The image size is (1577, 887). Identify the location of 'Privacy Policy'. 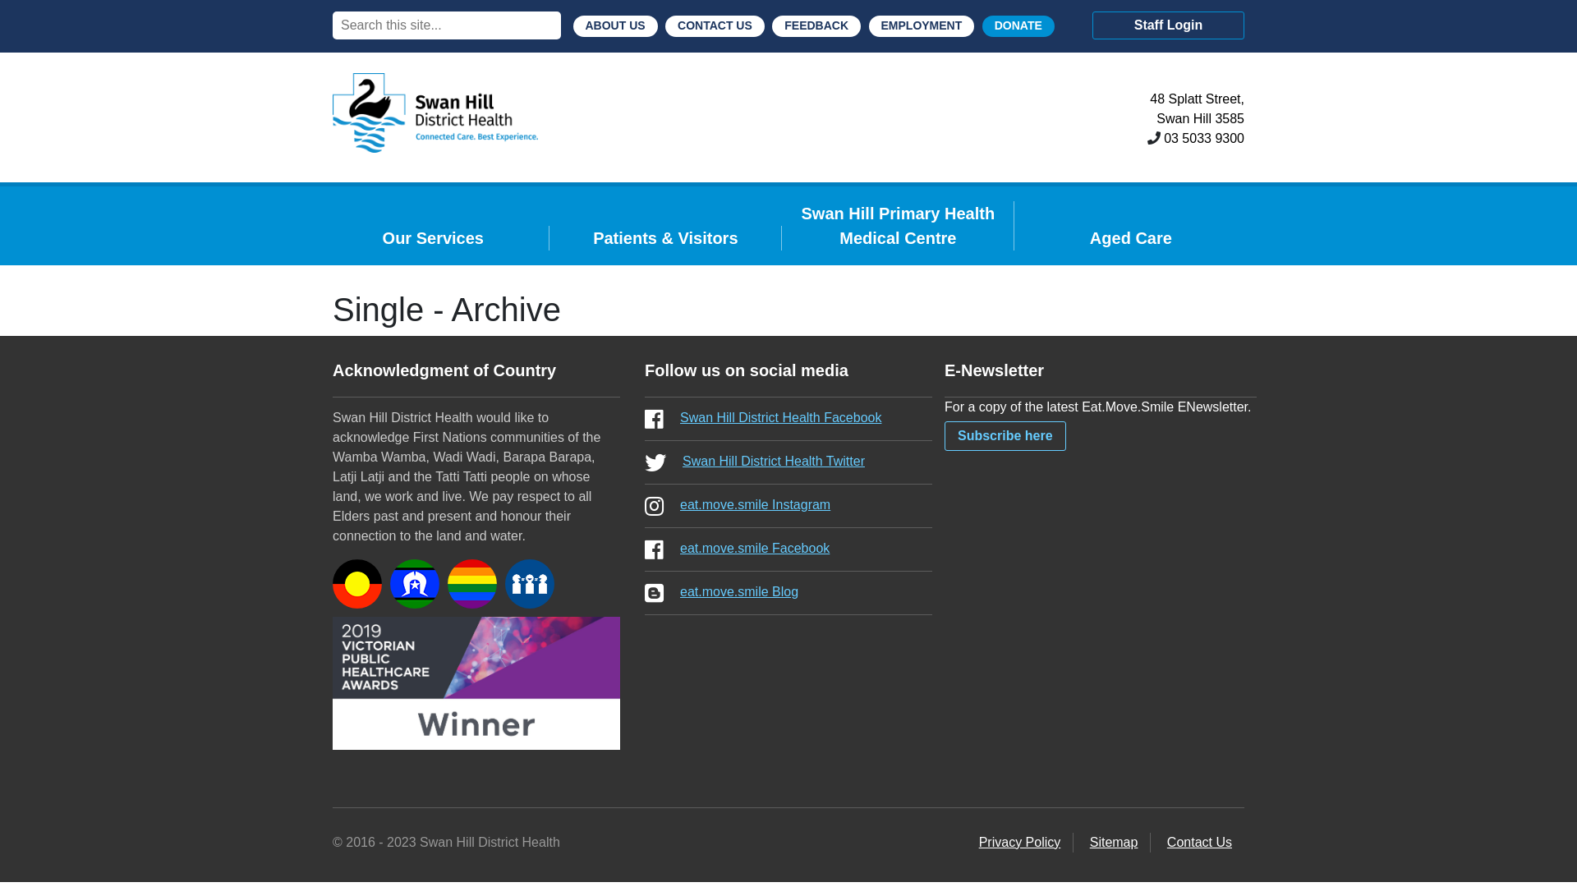
(1019, 842).